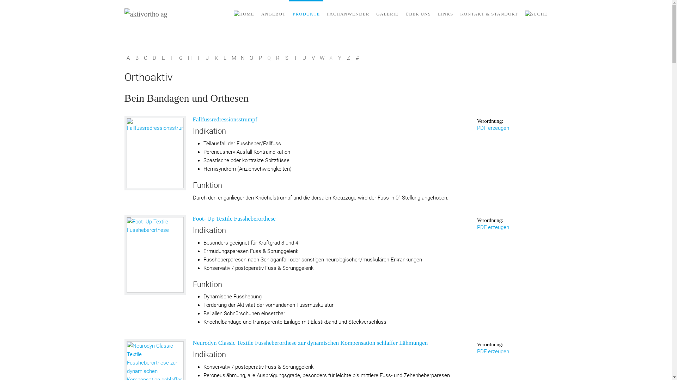 This screenshot has height=380, width=677. Describe the element at coordinates (233, 58) in the screenshot. I see `'M'` at that location.